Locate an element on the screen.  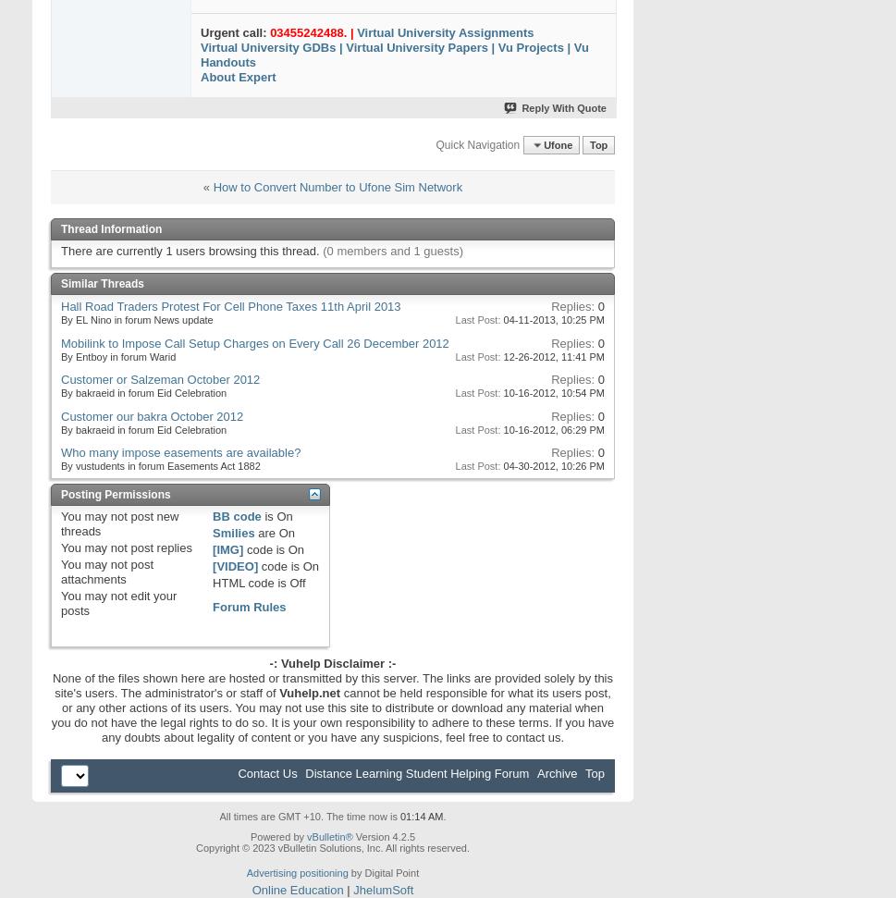
'By Entboy in forum Warid' is located at coordinates (118, 355).